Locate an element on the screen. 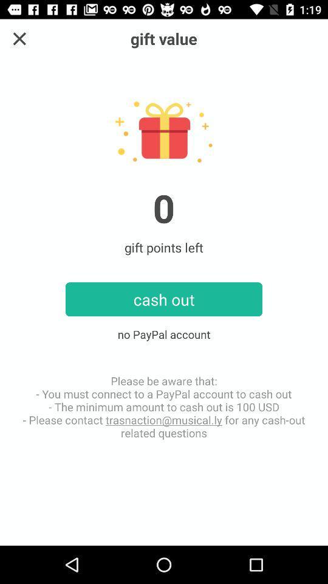 This screenshot has width=328, height=584. the icon next to gift value item is located at coordinates (19, 38).